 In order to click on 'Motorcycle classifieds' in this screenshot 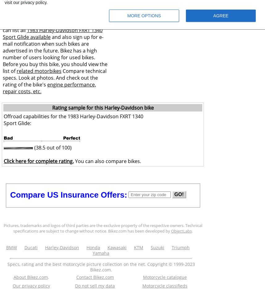, I will do `click(142, 286)`.